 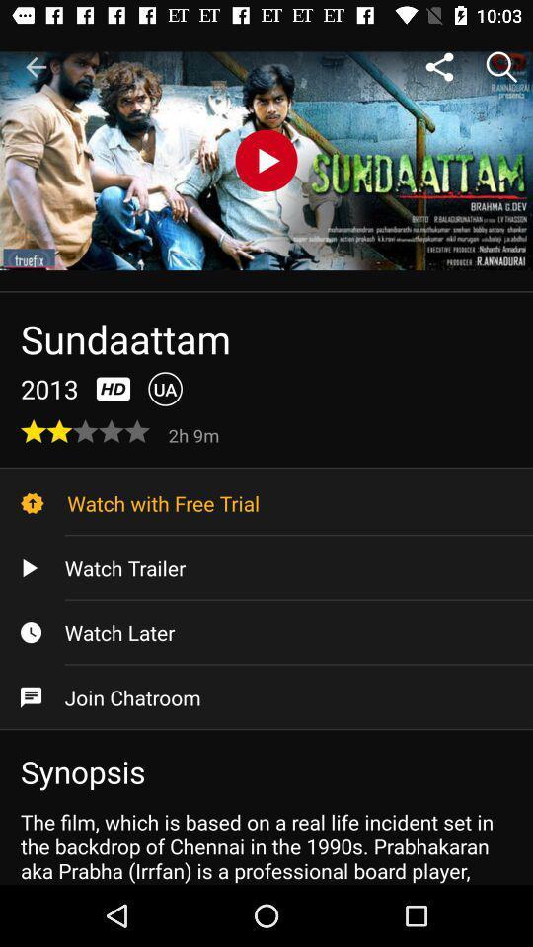 What do you see at coordinates (36, 67) in the screenshot?
I see `icon at the top left corner` at bounding box center [36, 67].